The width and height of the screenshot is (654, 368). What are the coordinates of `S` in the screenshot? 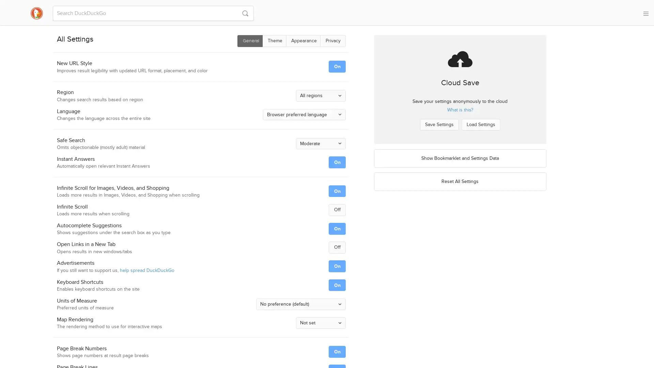 It's located at (245, 13).